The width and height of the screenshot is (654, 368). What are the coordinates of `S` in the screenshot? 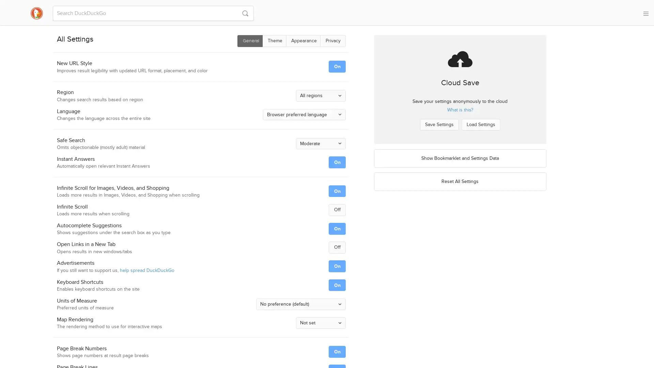 It's located at (245, 13).